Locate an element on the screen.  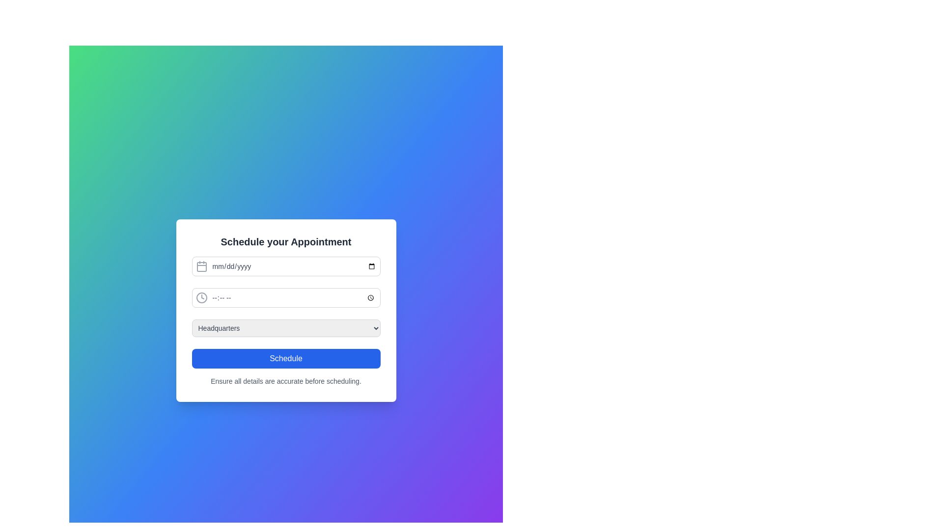
a date from the date input field that has a rounded border and a calendar icon, which is located at the center of the form section is located at coordinates (285, 266).